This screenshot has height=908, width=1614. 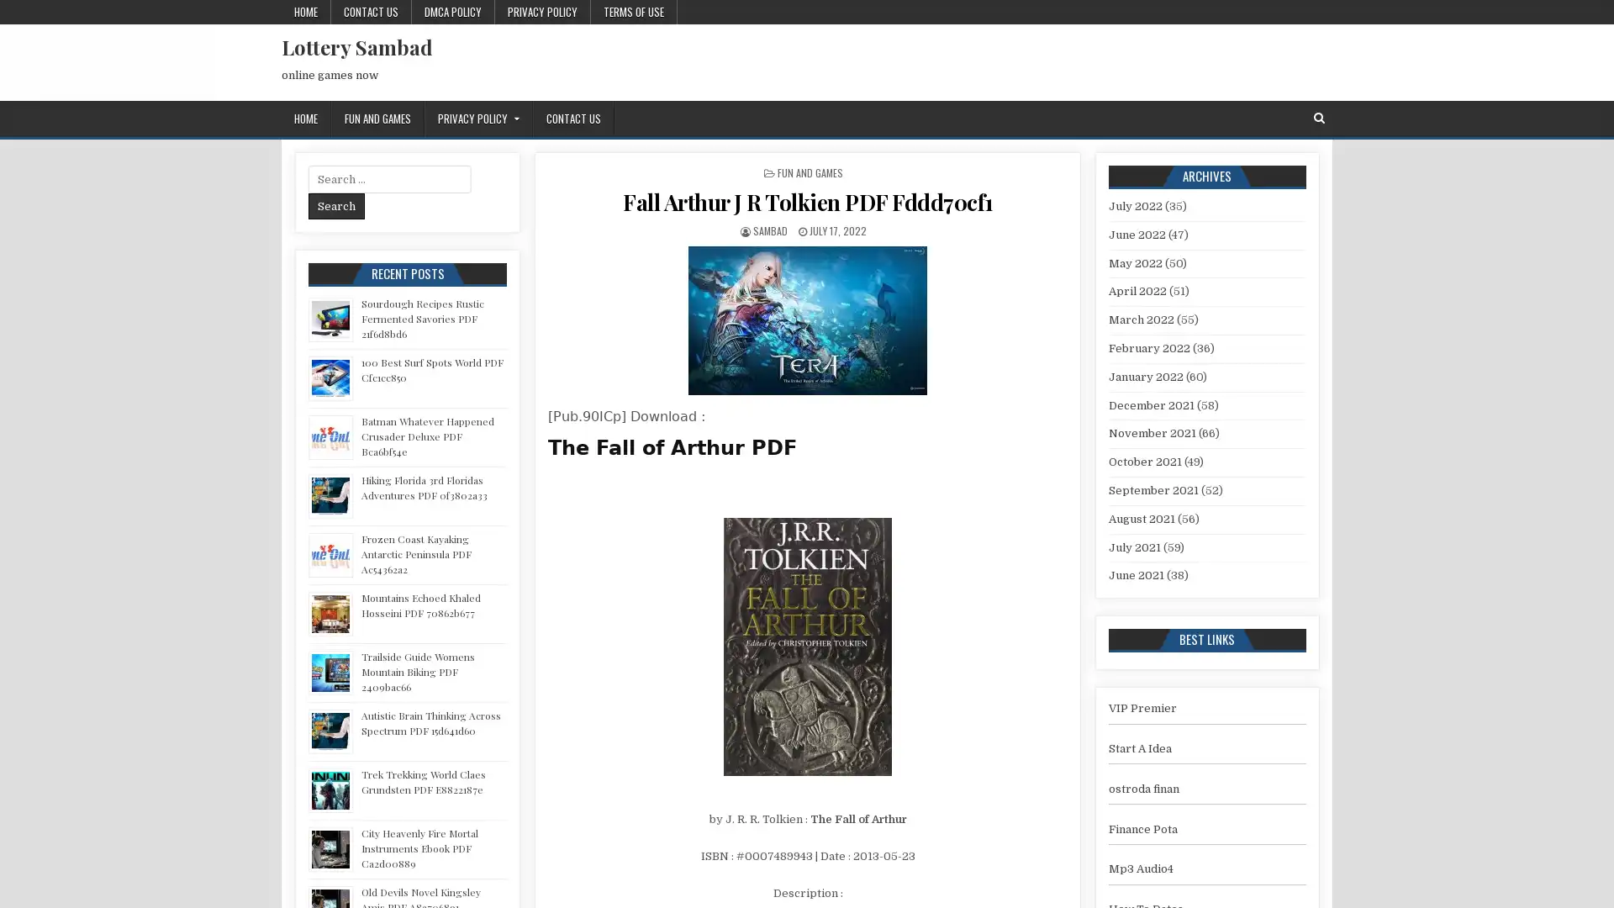 What do you see at coordinates (336, 205) in the screenshot?
I see `Search` at bounding box center [336, 205].